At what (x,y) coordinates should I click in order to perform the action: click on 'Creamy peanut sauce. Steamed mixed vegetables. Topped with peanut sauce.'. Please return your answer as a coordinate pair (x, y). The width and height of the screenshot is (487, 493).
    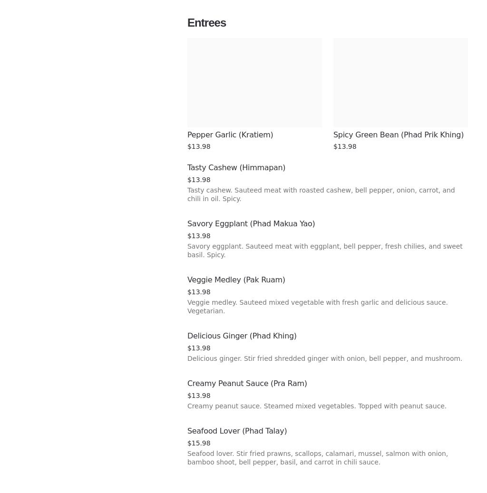
    Looking at the image, I should click on (316, 406).